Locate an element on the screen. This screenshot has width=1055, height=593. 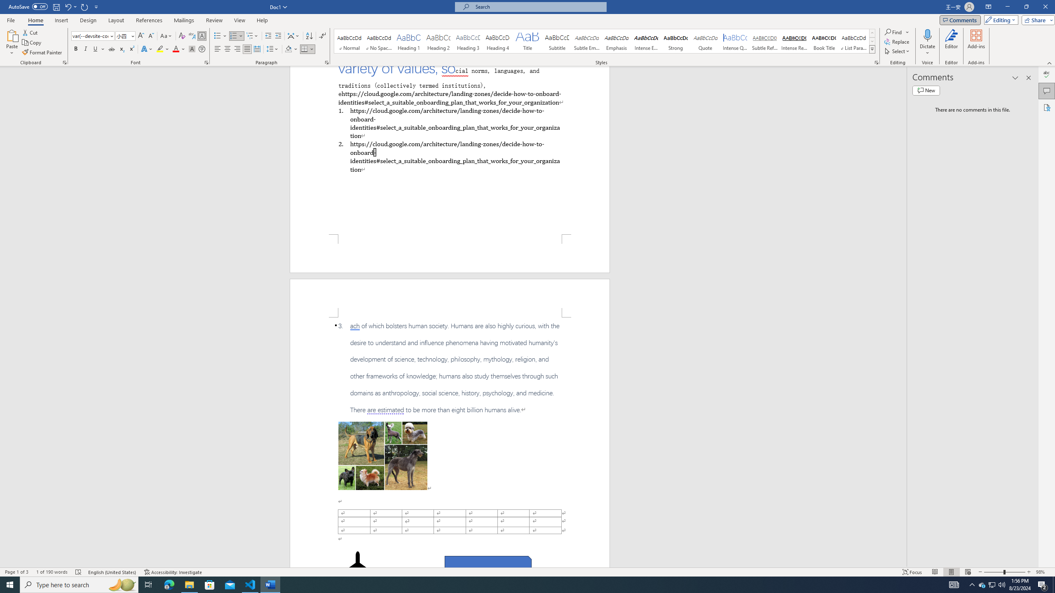
'Accessibility' is located at coordinates (1046, 107).